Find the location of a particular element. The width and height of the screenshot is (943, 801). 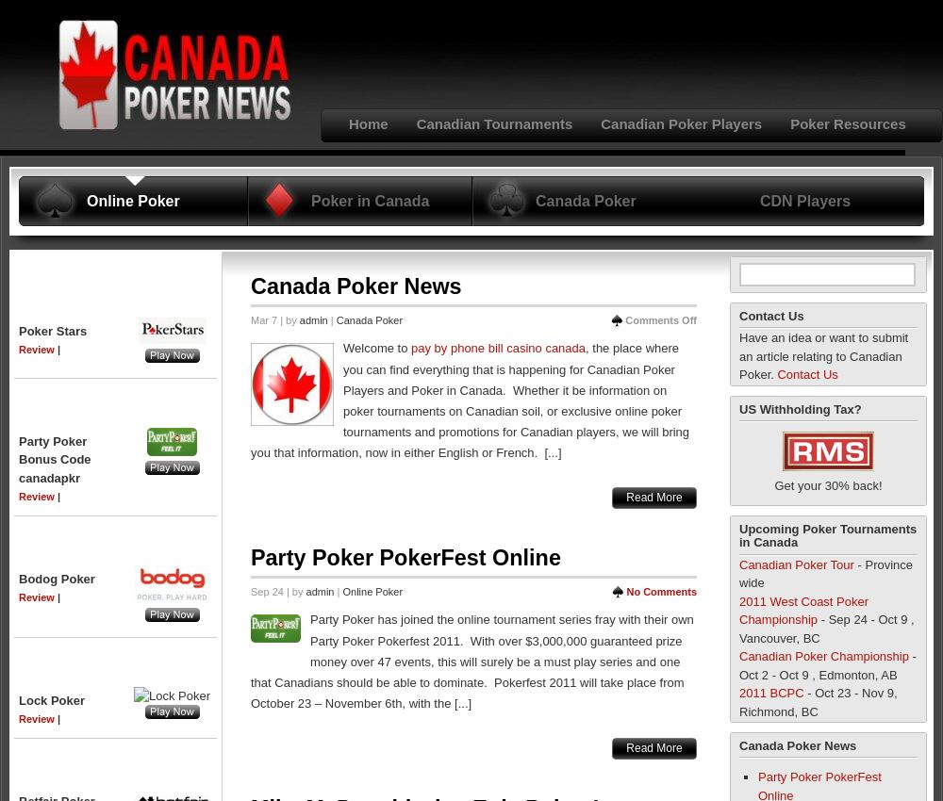

'Canadian Poker Tour' is located at coordinates (795, 563).